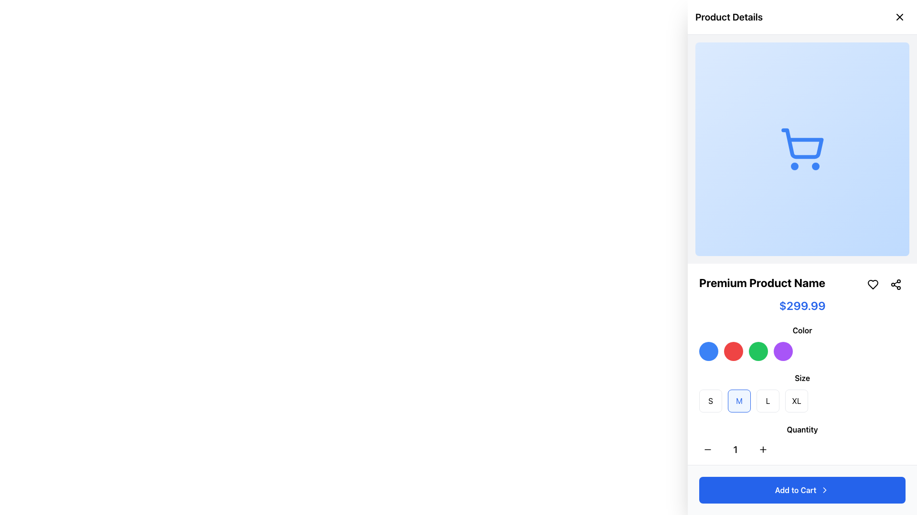 This screenshot has width=917, height=515. I want to click on the circular button on the left side of the 'Quantity' section to decrease the quantity of the selected product in the cart, so click(708, 449).